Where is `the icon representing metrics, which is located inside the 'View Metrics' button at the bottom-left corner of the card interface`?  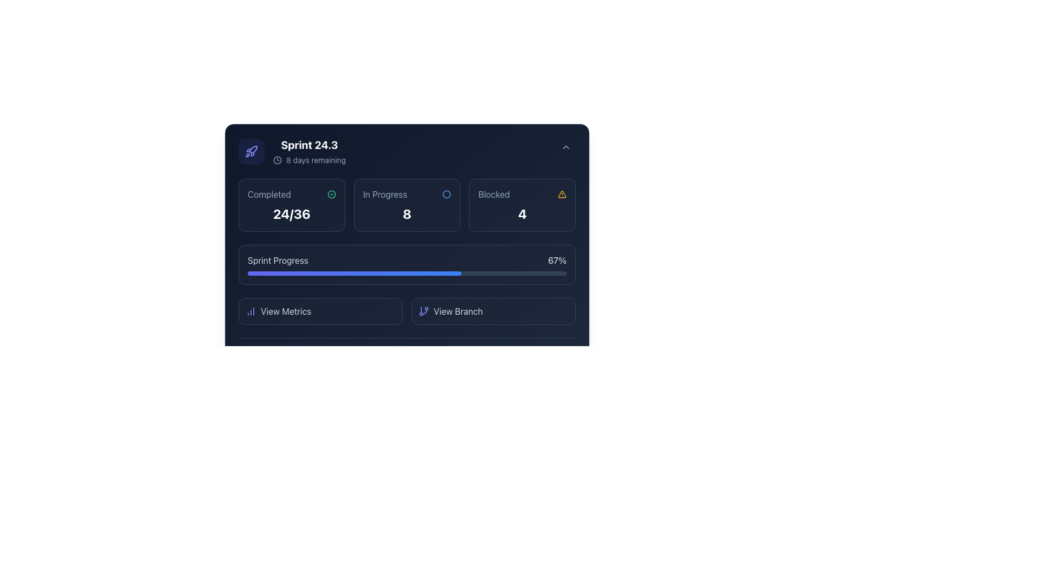
the icon representing metrics, which is located inside the 'View Metrics' button at the bottom-left corner of the card interface is located at coordinates (250, 311).